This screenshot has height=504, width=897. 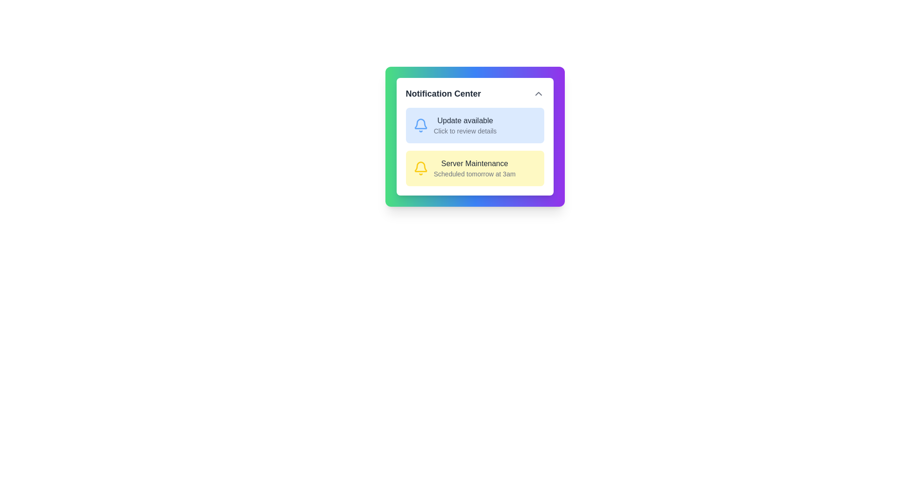 I want to click on the yellow bell icon located to the left of the 'Server Maintenance' text, so click(x=420, y=166).